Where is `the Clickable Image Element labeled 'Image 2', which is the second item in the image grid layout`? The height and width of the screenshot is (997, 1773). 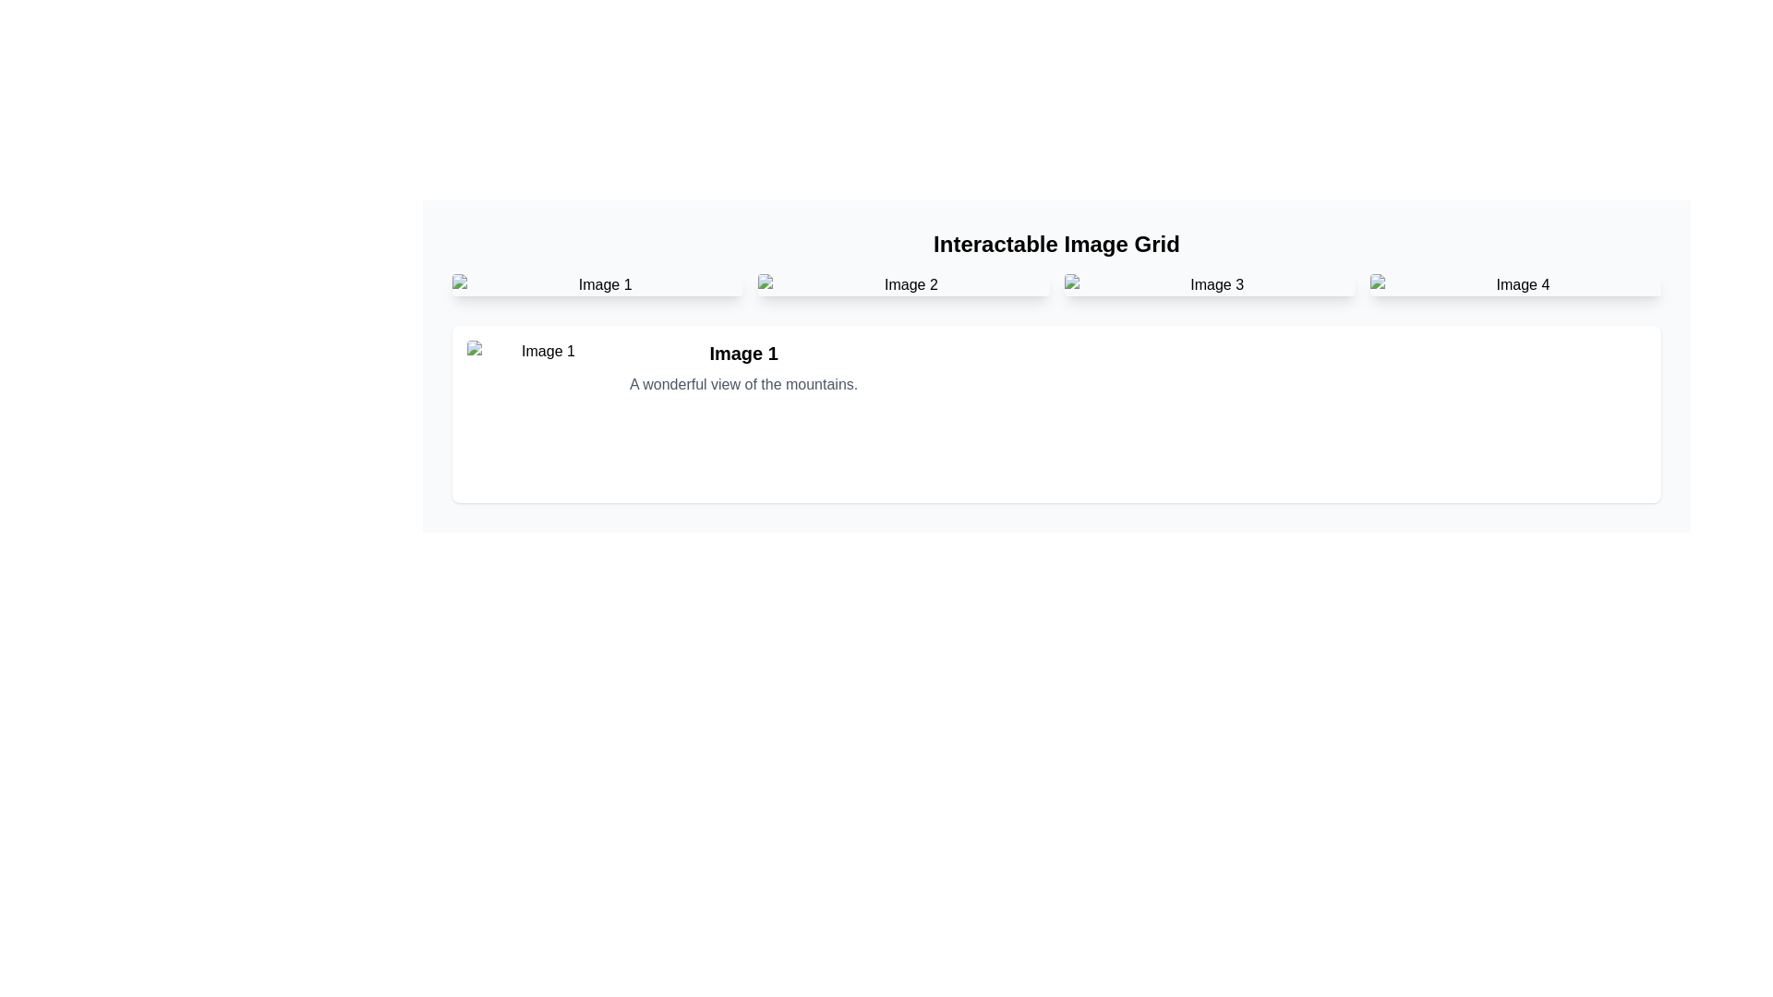 the Clickable Image Element labeled 'Image 2', which is the second item in the image grid layout is located at coordinates (903, 284).